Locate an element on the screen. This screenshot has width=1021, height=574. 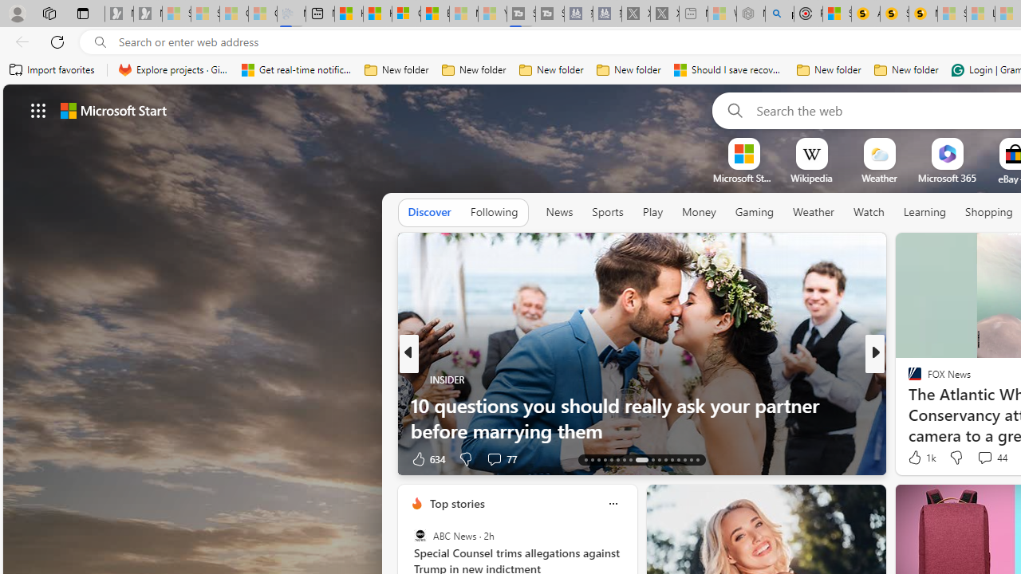
'Play' is located at coordinates (652, 212).